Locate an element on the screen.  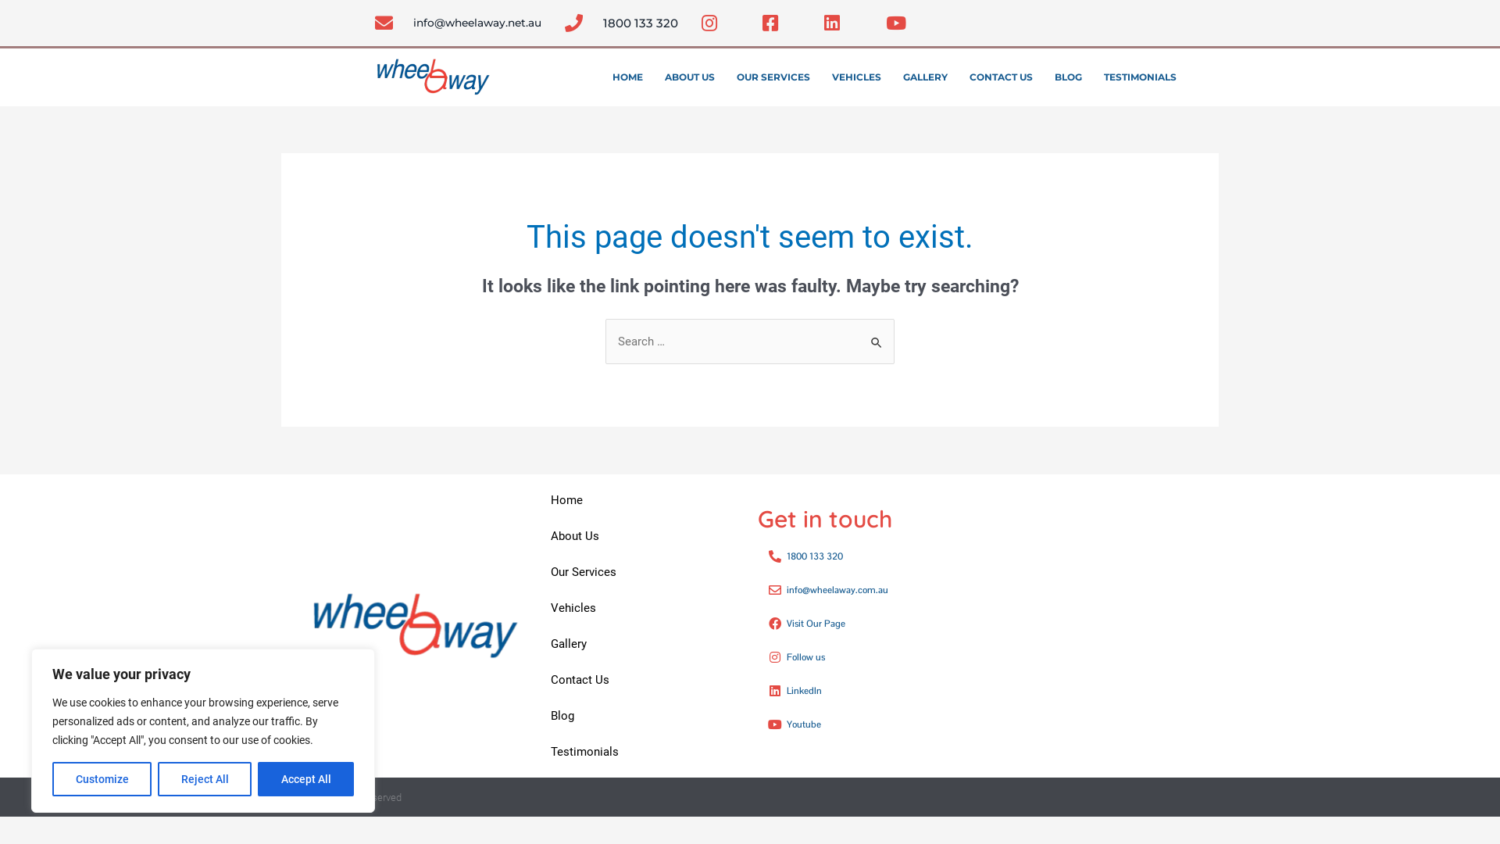
'ABOUT US' is located at coordinates (689, 77).